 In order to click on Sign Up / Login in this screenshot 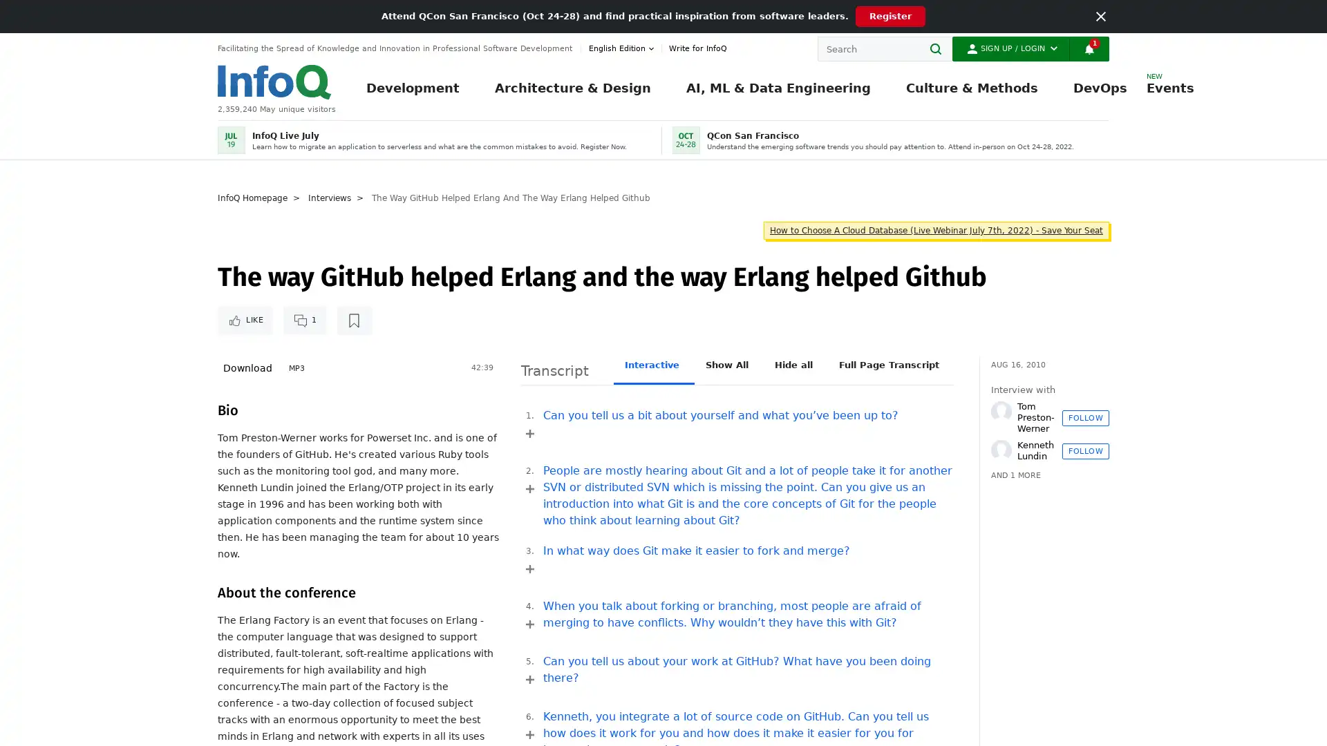, I will do `click(1010, 48)`.